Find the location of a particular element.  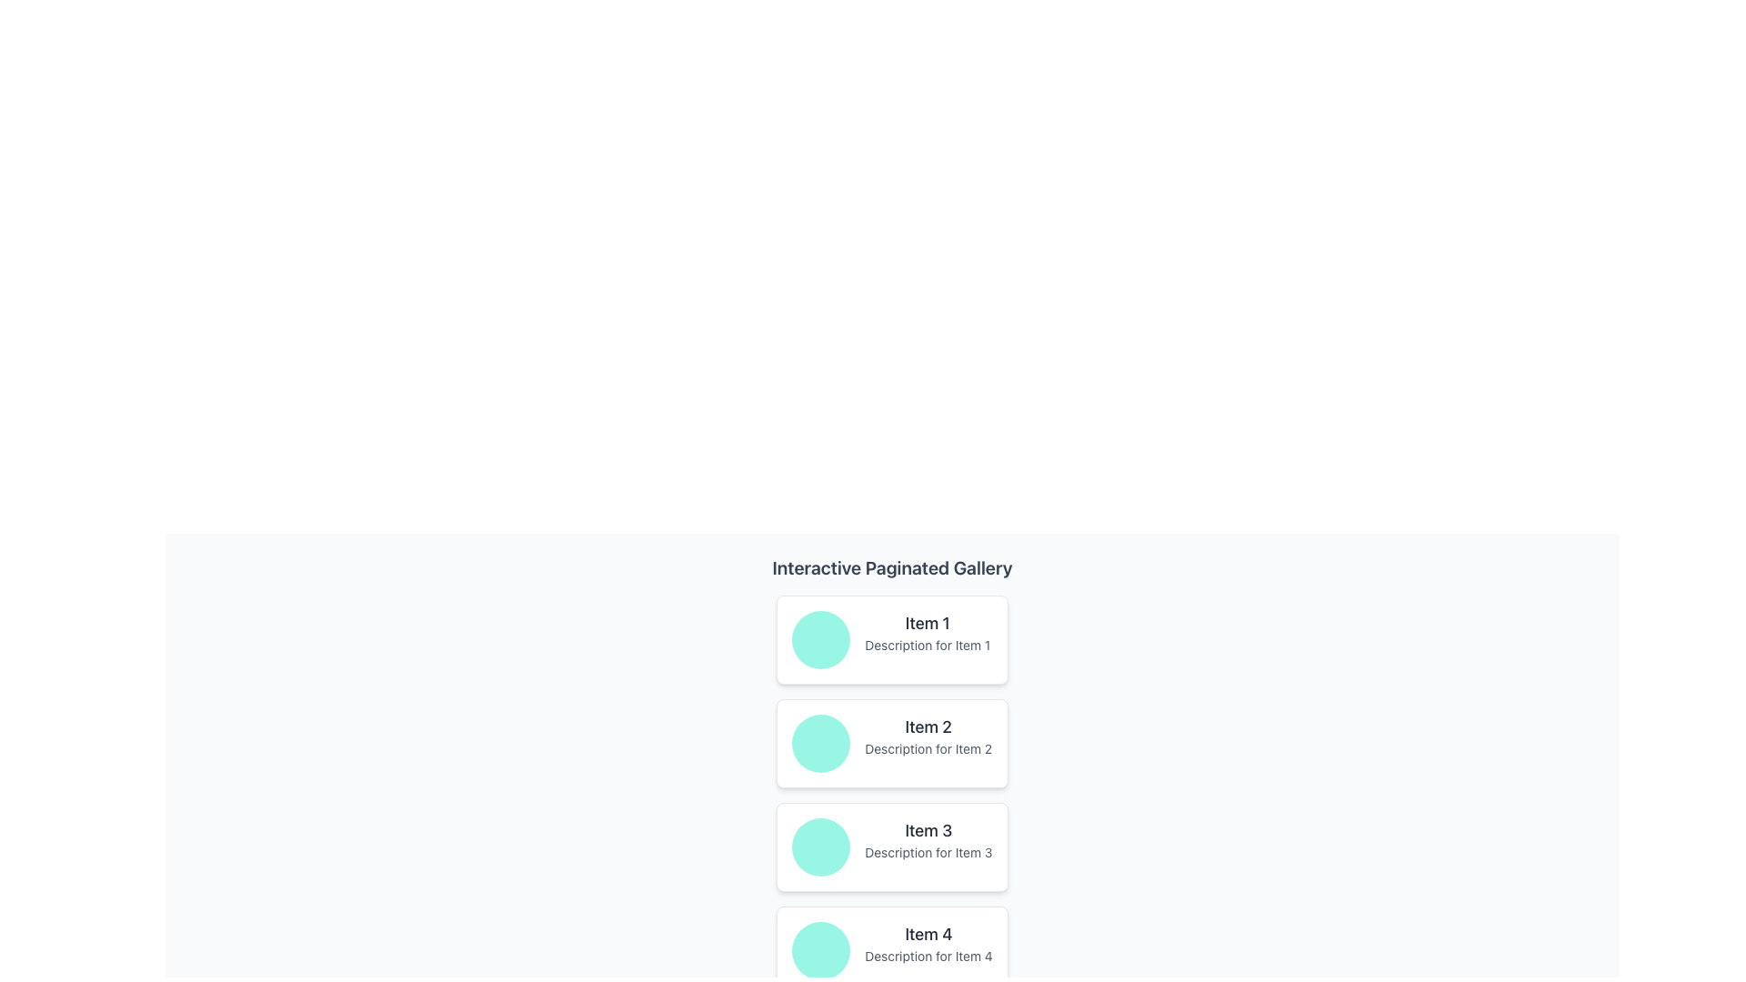

informational text content located directly beneath 'Item 3' in the card structure of the list is located at coordinates (928, 852).